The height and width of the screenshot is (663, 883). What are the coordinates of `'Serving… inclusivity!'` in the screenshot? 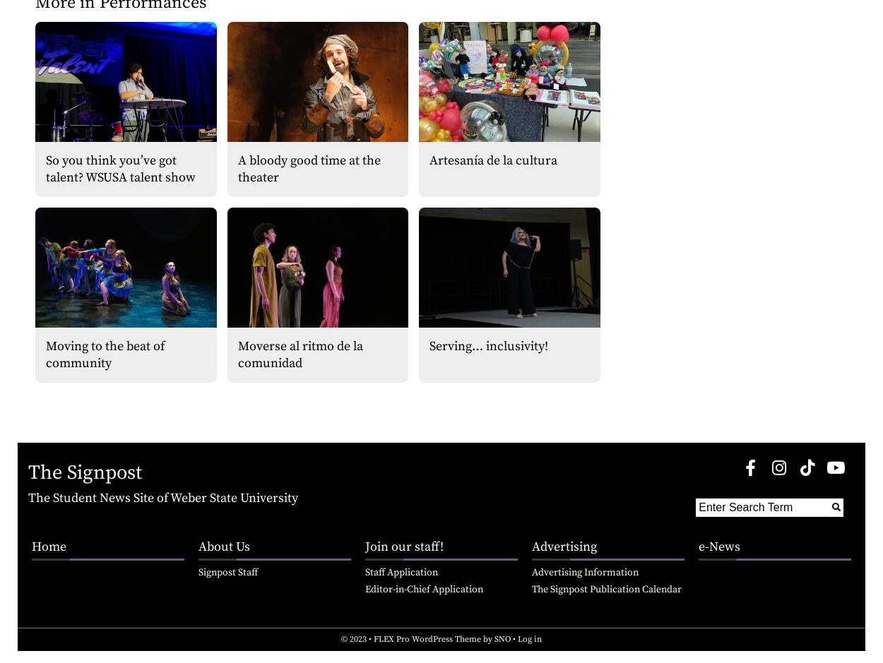 It's located at (488, 345).